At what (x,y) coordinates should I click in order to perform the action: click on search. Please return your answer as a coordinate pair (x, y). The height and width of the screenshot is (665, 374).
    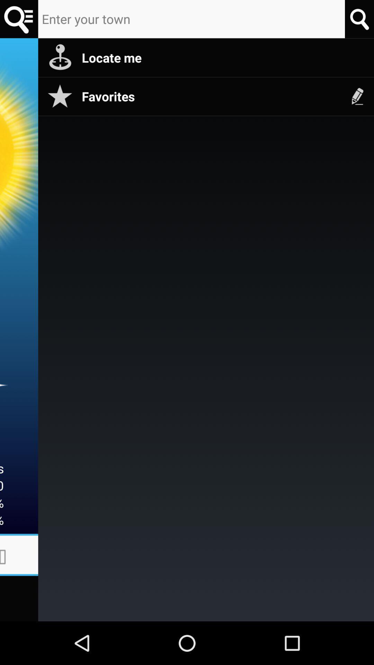
    Looking at the image, I should click on (19, 19).